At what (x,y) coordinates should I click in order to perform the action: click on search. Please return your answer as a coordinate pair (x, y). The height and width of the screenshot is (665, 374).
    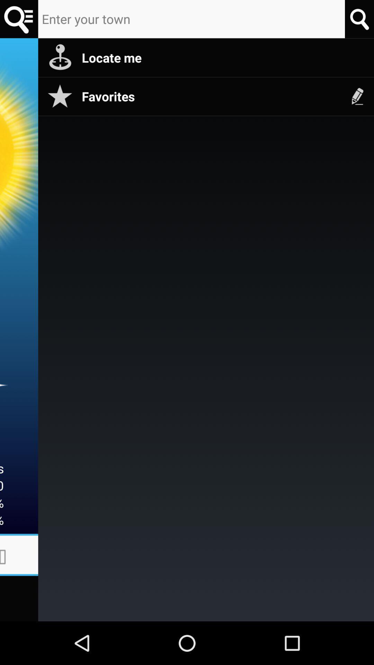
    Looking at the image, I should click on (19, 19).